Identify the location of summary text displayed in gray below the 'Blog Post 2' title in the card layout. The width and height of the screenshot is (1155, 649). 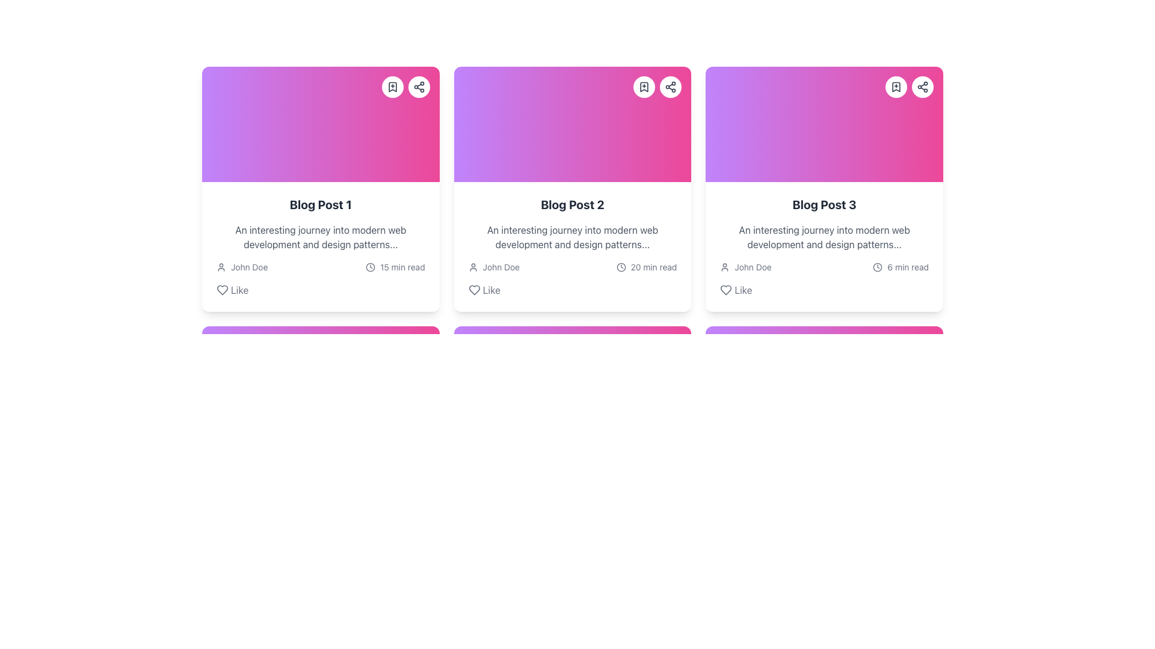
(571, 237).